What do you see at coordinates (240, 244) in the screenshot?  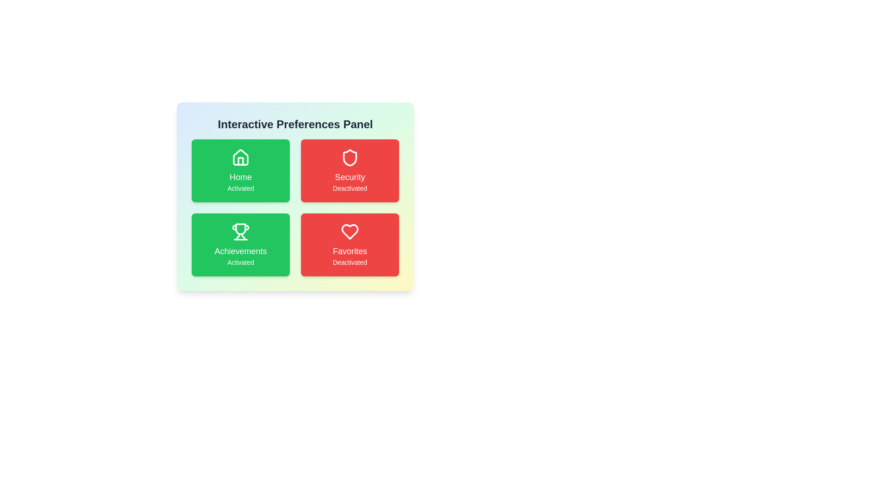 I see `the Achievements card` at bounding box center [240, 244].